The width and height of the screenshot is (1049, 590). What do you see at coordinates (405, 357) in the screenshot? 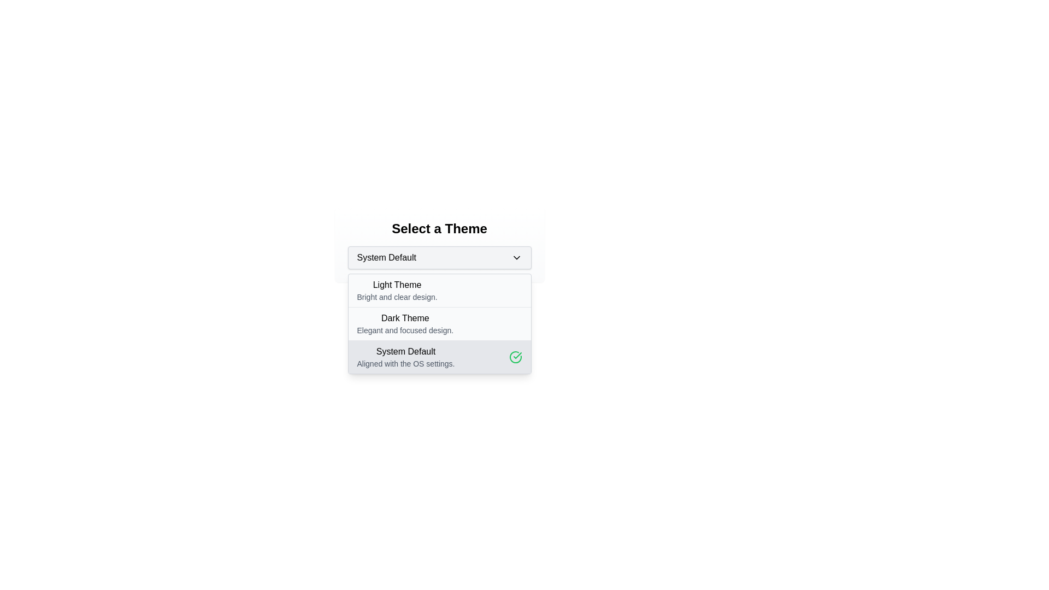
I see `the 'System Default' dropdown option within the 'Select a Theme' dropdown menu` at bounding box center [405, 357].